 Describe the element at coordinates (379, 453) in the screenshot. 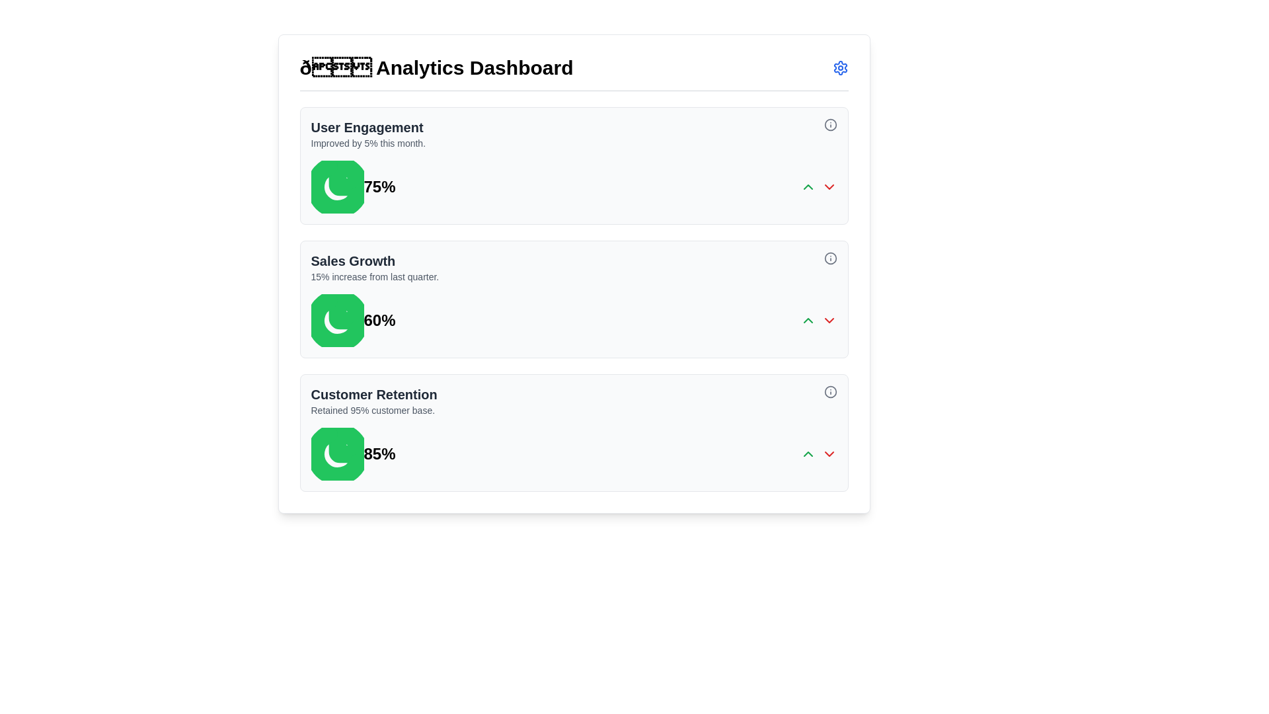

I see `value displayed in the Text label that shows '85%' in bold and large font, located near the bottom section of the third card, to the right of the green octagonal icon` at that location.